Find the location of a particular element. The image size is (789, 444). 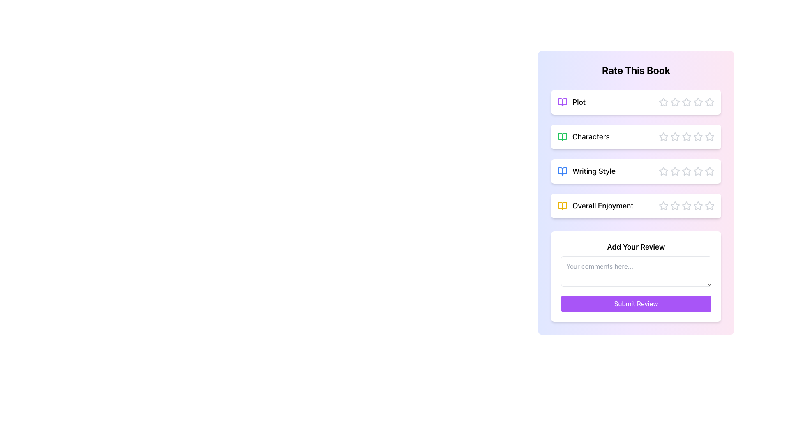

the second star icon in the rating section under 'Characters' is located at coordinates (675, 136).